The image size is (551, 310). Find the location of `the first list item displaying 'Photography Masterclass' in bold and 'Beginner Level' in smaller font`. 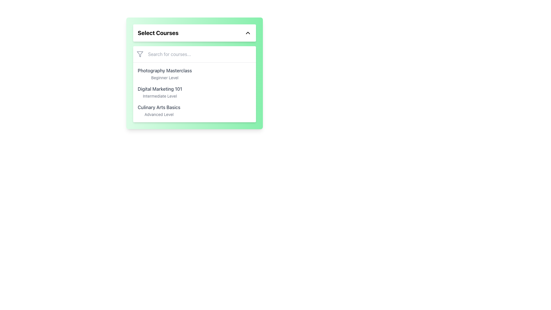

the first list item displaying 'Photography Masterclass' in bold and 'Beginner Level' in smaller font is located at coordinates (194, 74).